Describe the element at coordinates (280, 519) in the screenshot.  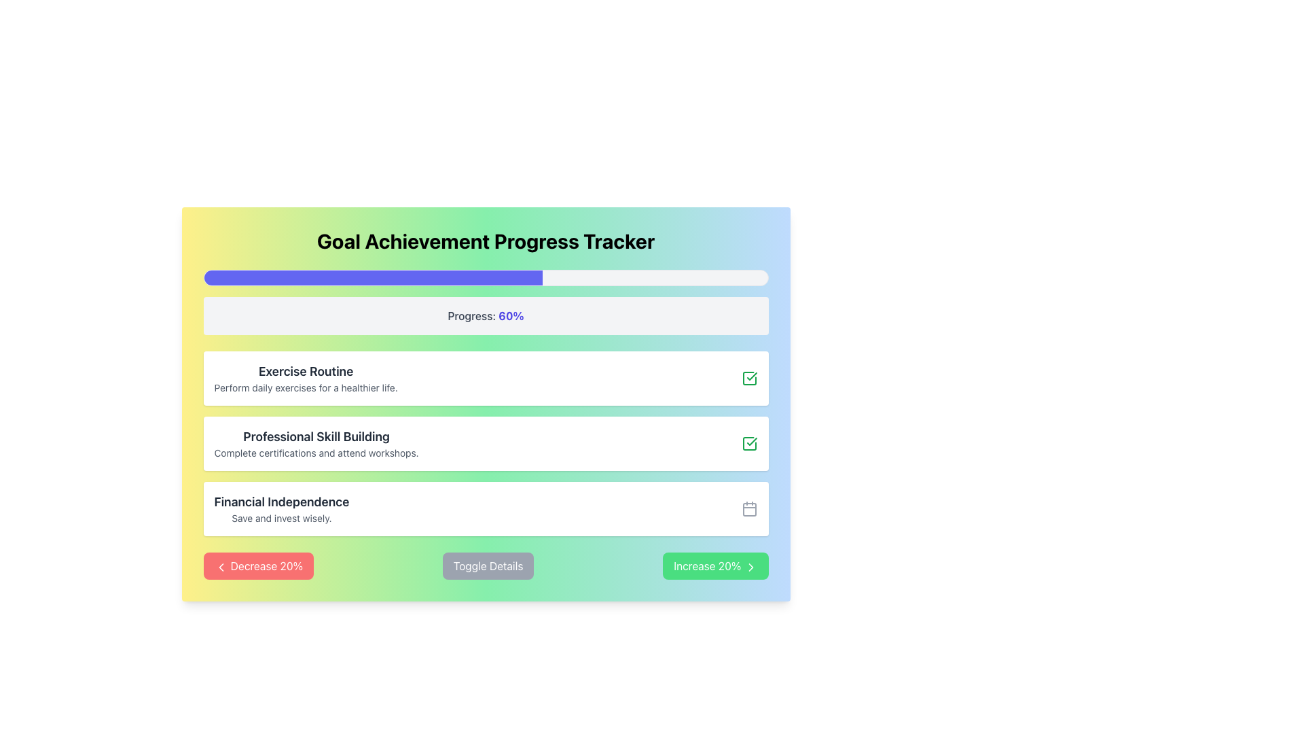
I see `the subtitle text displaying 'Save and invest wisely.' which is styled in gray and located below 'Financial Independence' within the third card of a vertically stacked group of cards` at that location.